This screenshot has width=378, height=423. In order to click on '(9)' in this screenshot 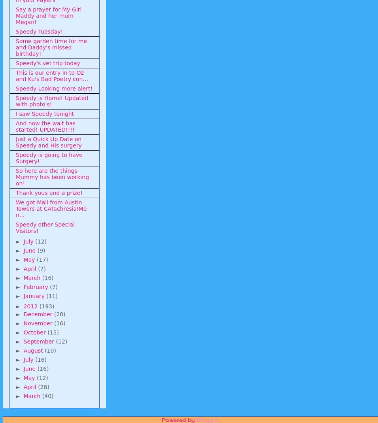, I will do `click(36, 250)`.